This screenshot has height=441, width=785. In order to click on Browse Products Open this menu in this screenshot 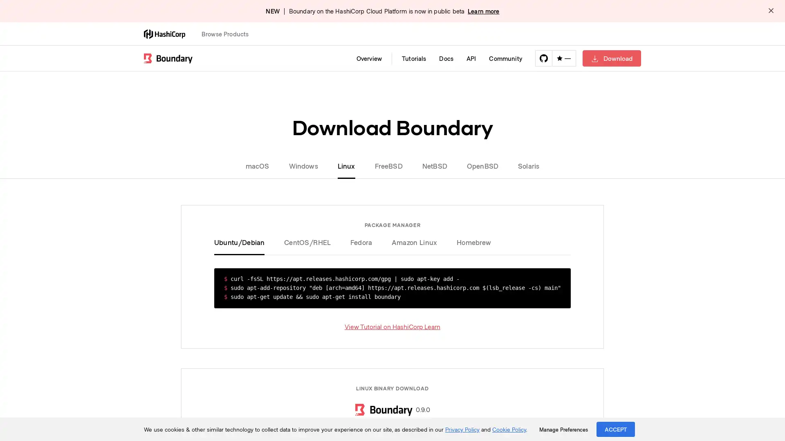, I will do `click(229, 33)`.